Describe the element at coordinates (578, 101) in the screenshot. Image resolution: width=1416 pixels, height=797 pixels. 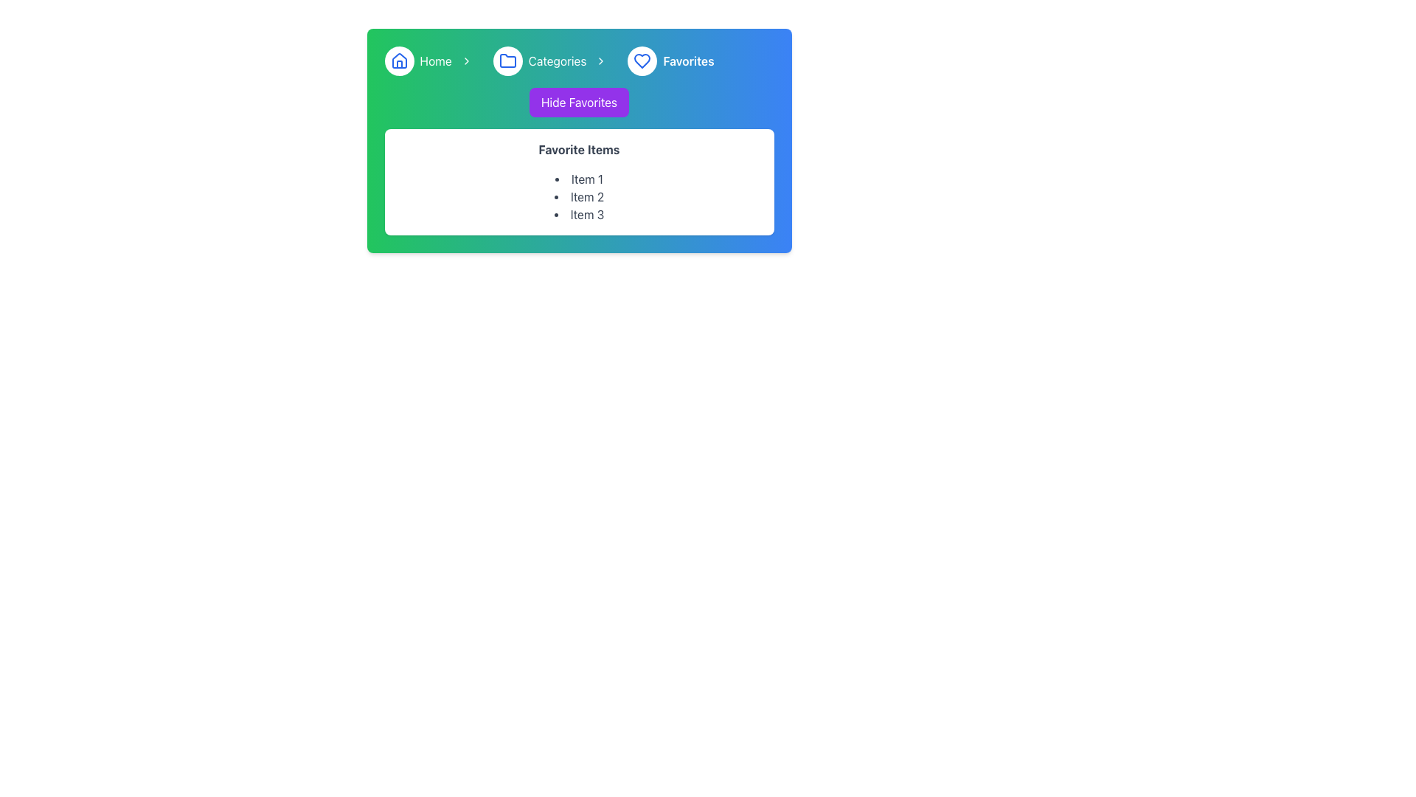
I see `the 'Hide Favorites' button, which is a deep purple rounded rectangular button with white text, to observe its hover effect` at that location.